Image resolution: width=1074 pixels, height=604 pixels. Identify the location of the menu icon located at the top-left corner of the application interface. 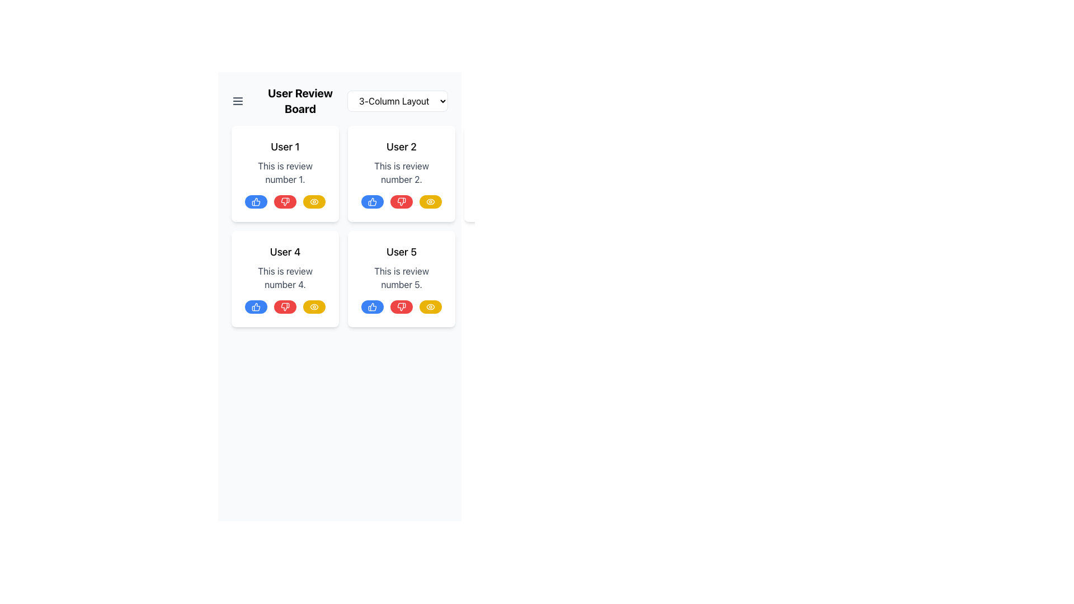
(237, 101).